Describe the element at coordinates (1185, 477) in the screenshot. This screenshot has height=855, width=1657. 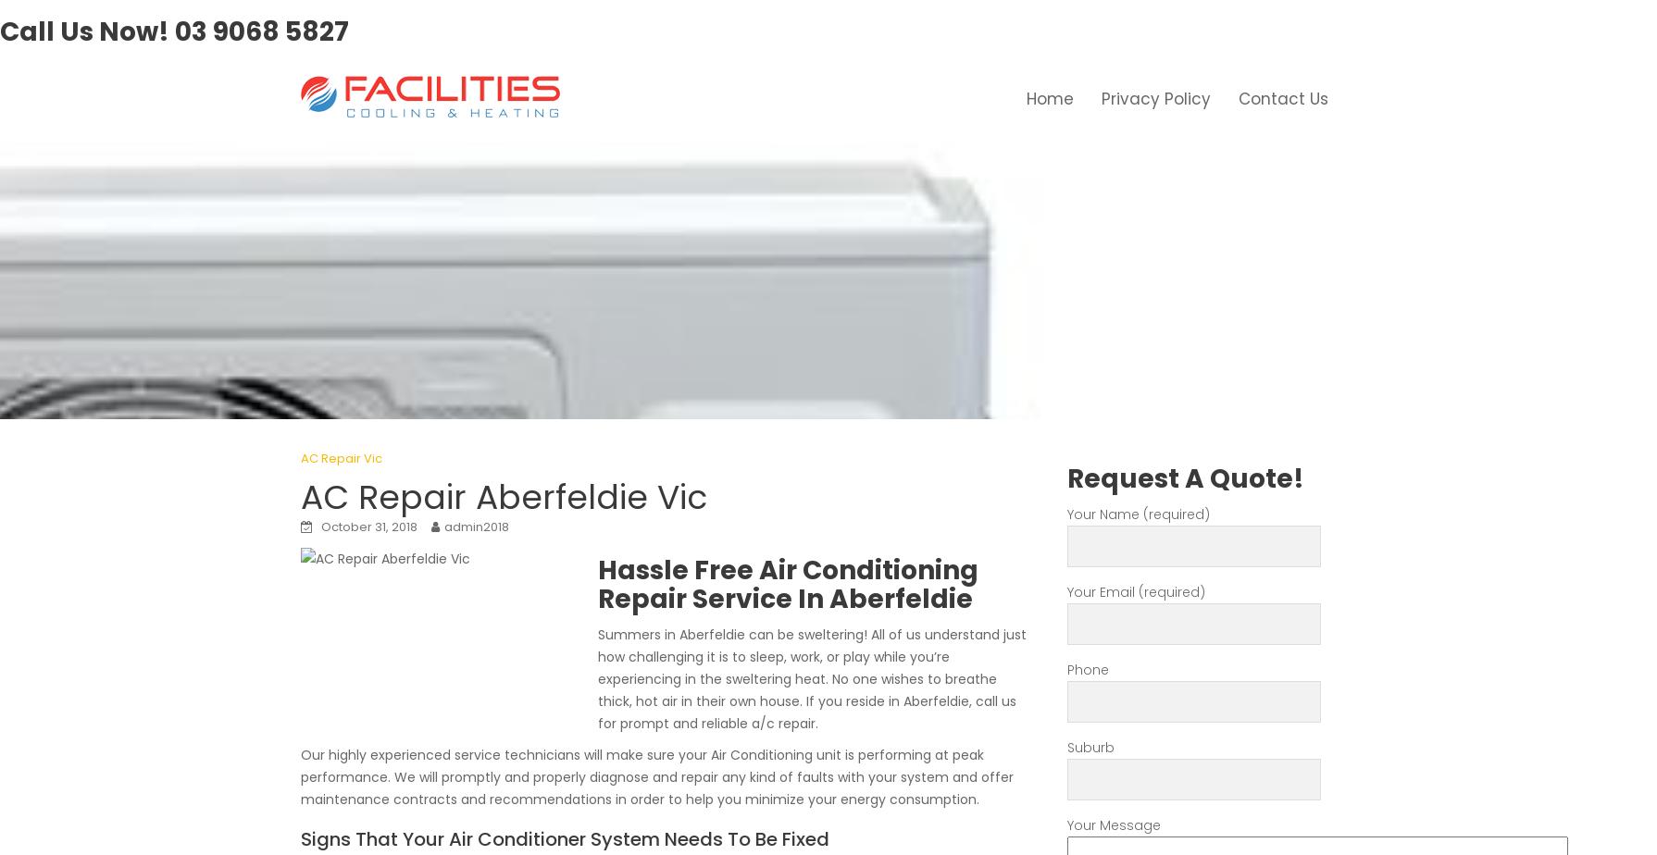
I see `'Request A Quote!'` at that location.